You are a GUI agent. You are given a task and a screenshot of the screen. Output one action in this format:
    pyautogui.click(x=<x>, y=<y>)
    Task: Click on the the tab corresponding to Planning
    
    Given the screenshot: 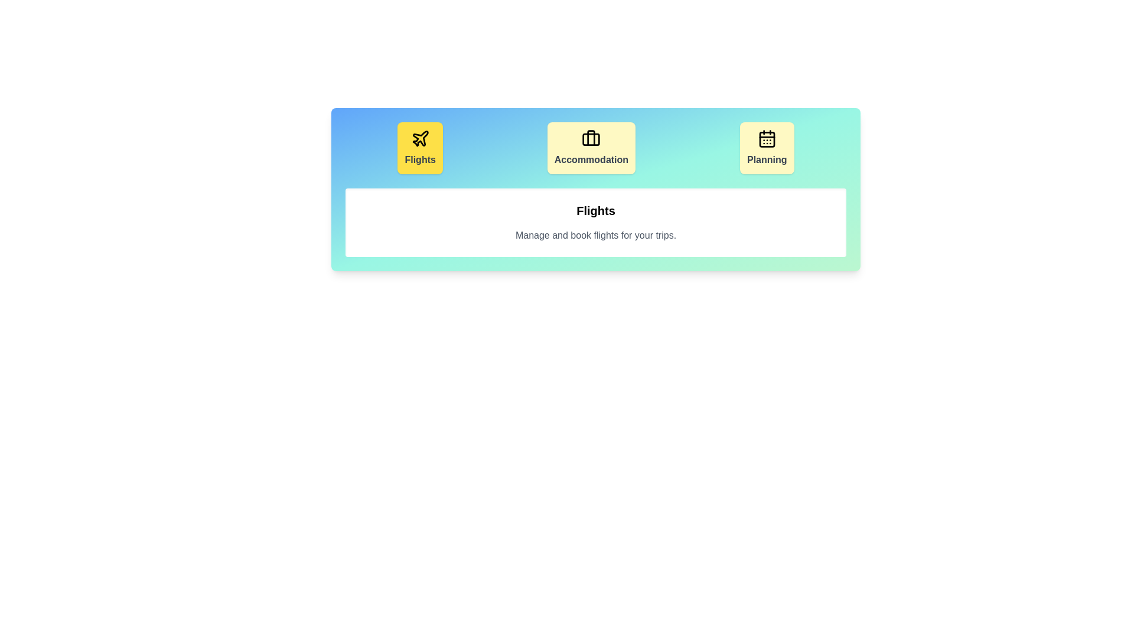 What is the action you would take?
    pyautogui.click(x=767, y=147)
    